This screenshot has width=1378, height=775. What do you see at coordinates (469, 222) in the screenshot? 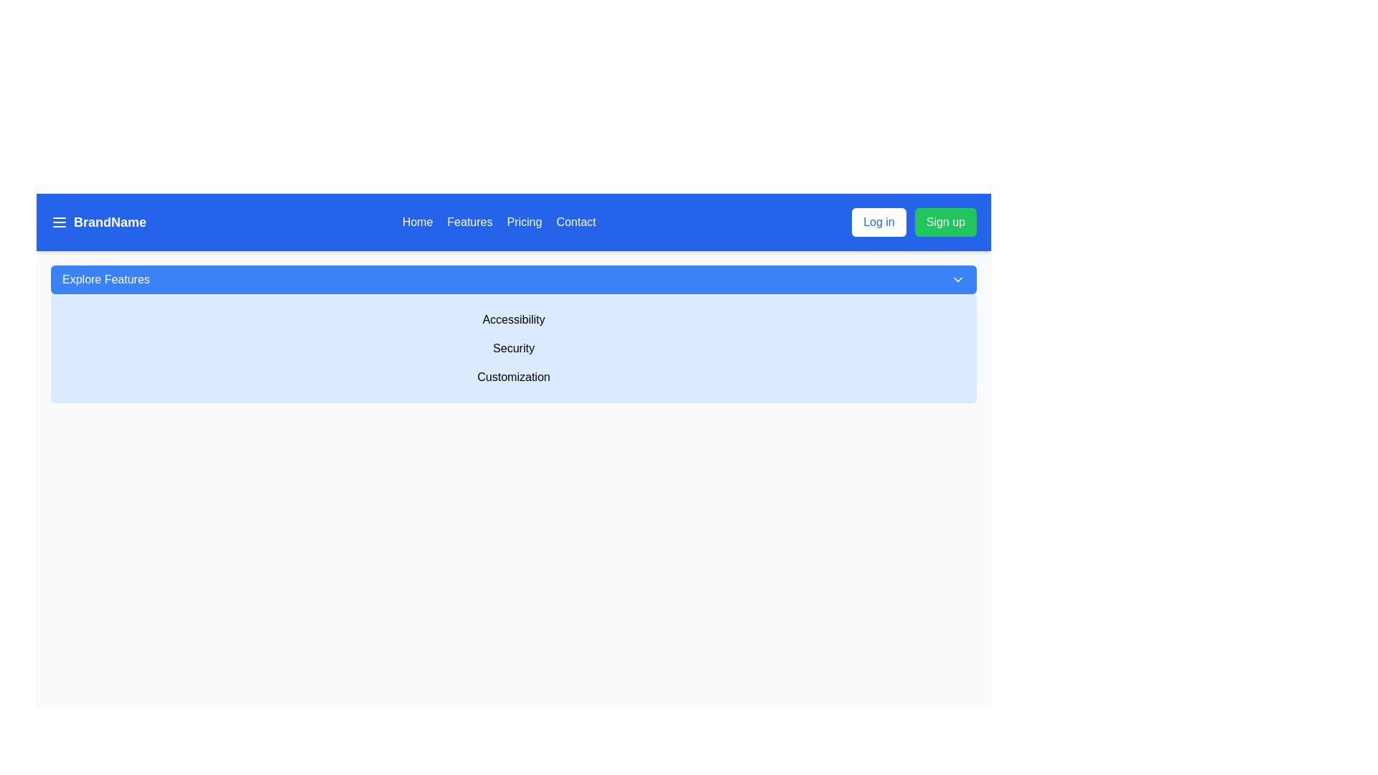
I see `the second item in the navigation menu, labeled 'Features', which is located between 'Home' and 'Pricing'` at bounding box center [469, 222].